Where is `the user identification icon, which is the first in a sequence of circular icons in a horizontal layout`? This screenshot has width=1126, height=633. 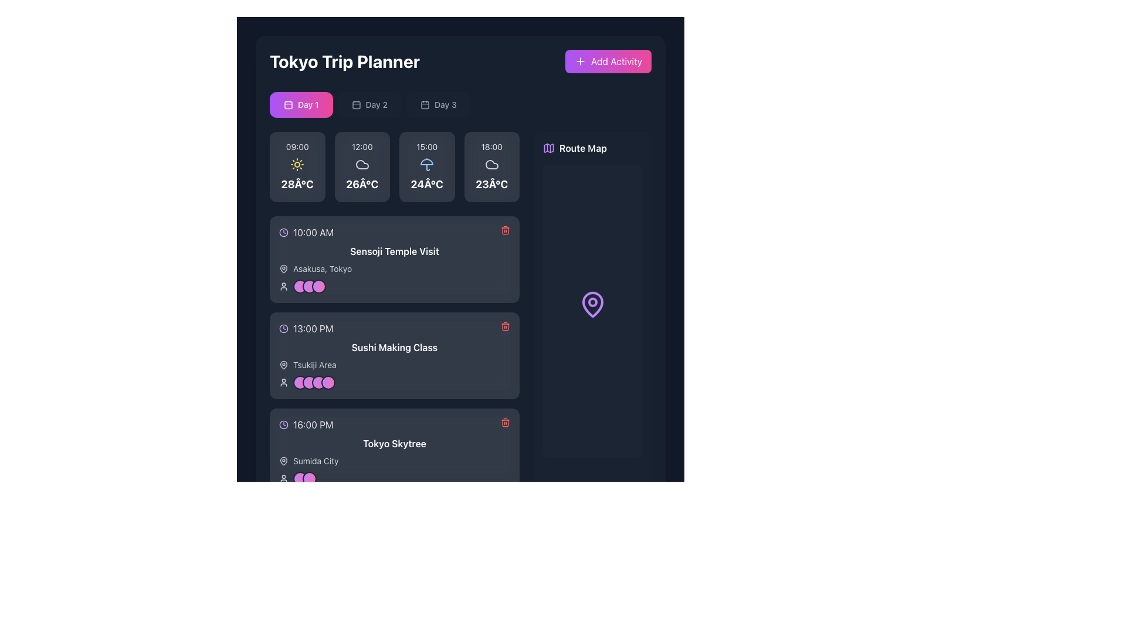 the user identification icon, which is the first in a sequence of circular icons in a horizontal layout is located at coordinates (284, 287).